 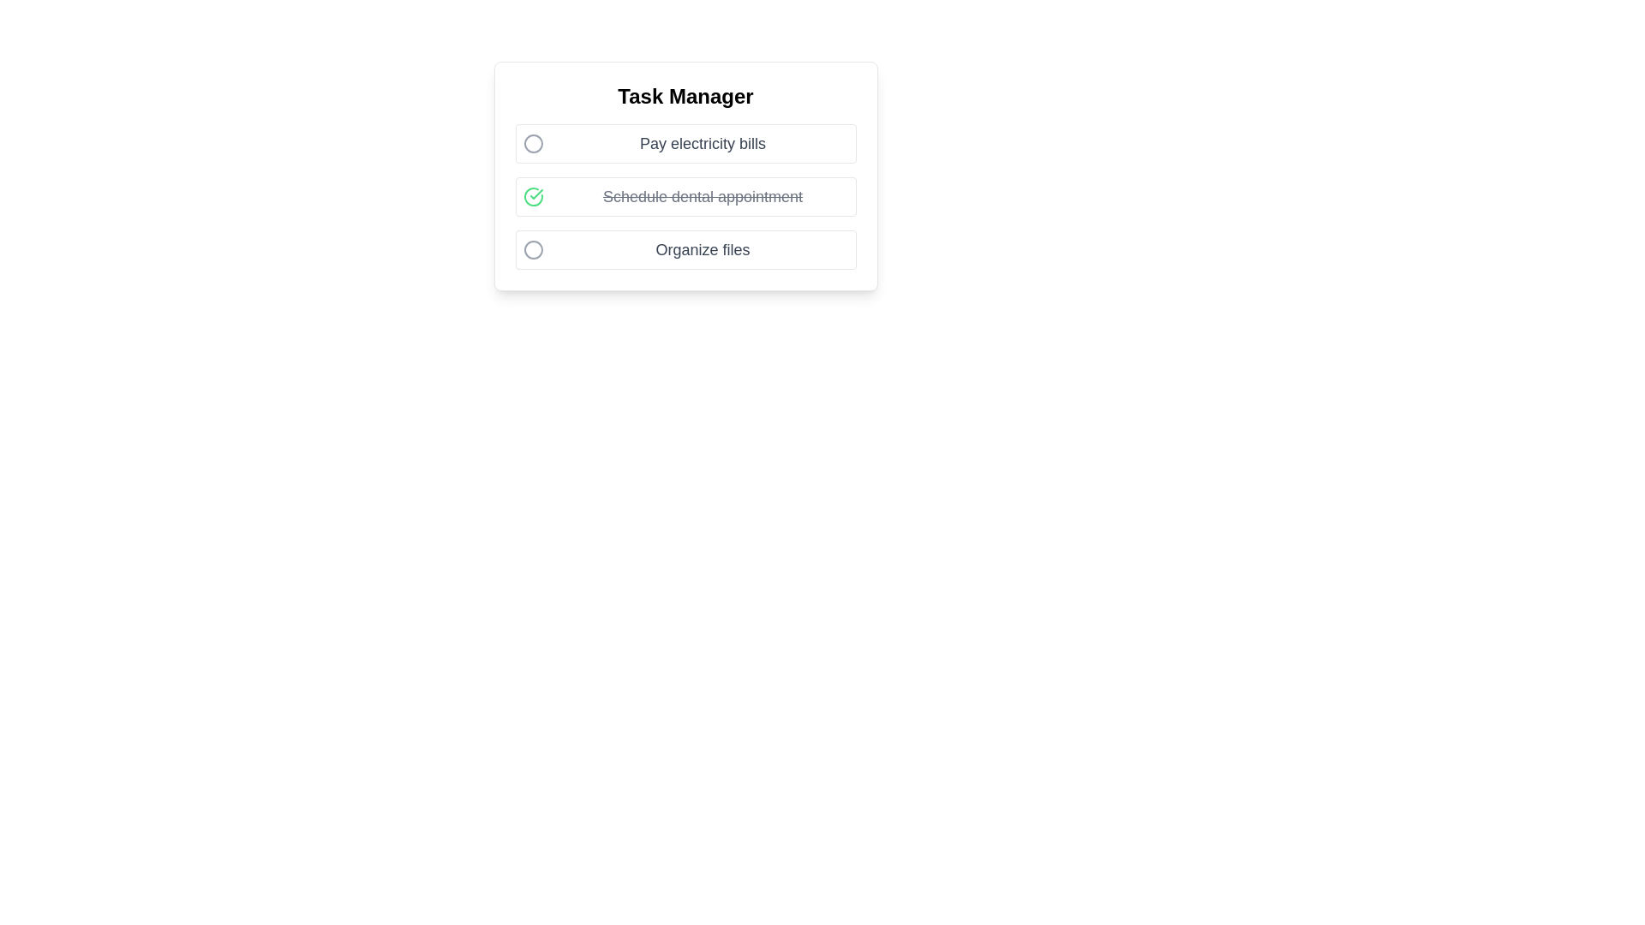 What do you see at coordinates (532, 196) in the screenshot?
I see `the completed task icon indicating 'Schedule dental appointment' in the Task Manager interface` at bounding box center [532, 196].